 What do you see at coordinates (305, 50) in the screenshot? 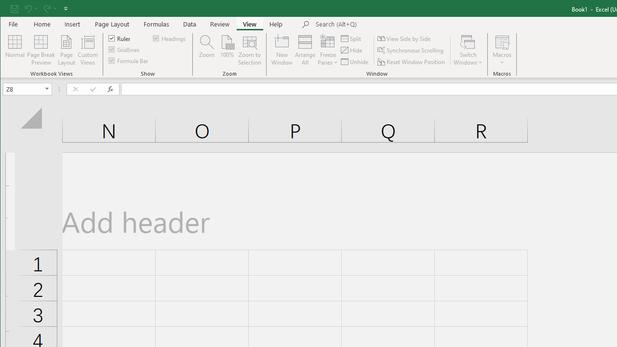
I see `'Arrange All'` at bounding box center [305, 50].